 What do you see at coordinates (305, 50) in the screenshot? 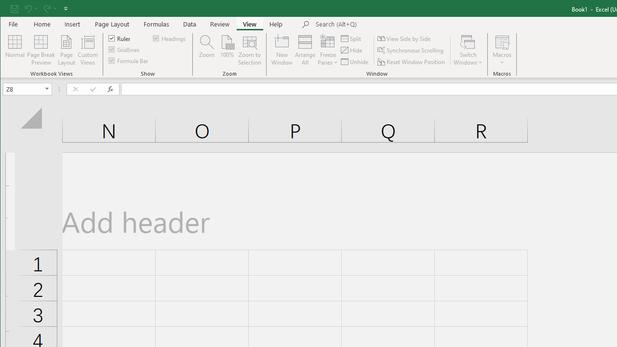
I see `'Arrange All'` at bounding box center [305, 50].